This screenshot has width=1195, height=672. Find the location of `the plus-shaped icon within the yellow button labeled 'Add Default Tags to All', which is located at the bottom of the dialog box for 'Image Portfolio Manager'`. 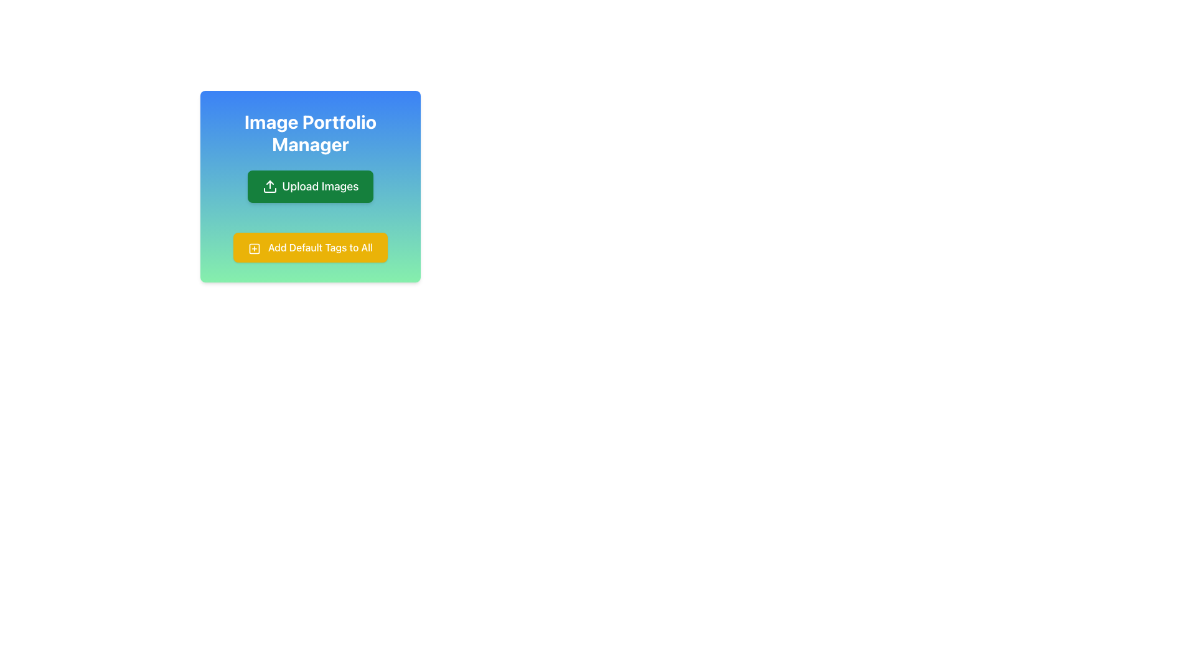

the plus-shaped icon within the yellow button labeled 'Add Default Tags to All', which is located at the bottom of the dialog box for 'Image Portfolio Manager' is located at coordinates (253, 248).